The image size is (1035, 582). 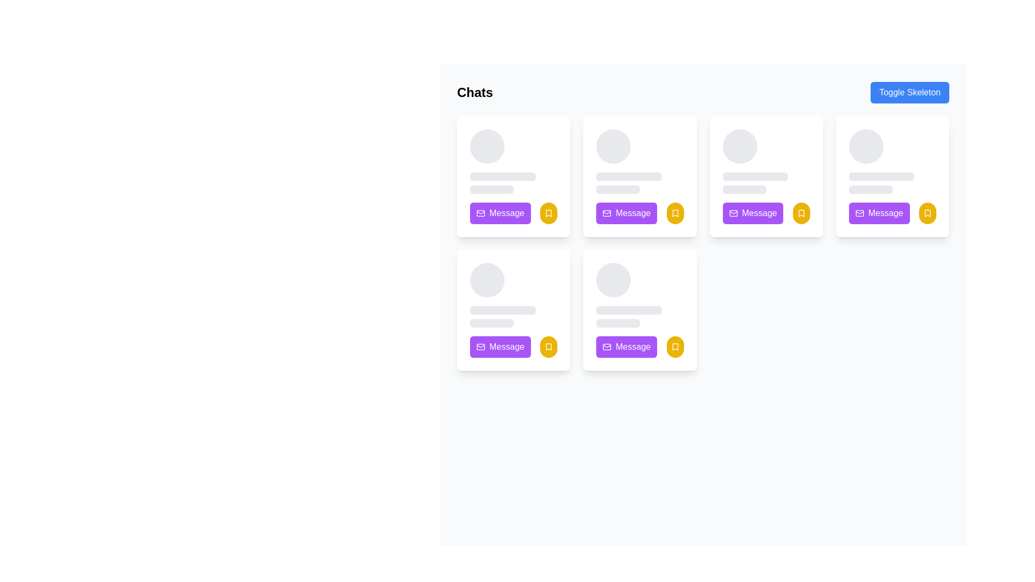 What do you see at coordinates (640, 295) in the screenshot?
I see `the Skeleton loader component for the user profile card, which indicates loading activity and is located in the second row and third column of a grid layout` at bounding box center [640, 295].